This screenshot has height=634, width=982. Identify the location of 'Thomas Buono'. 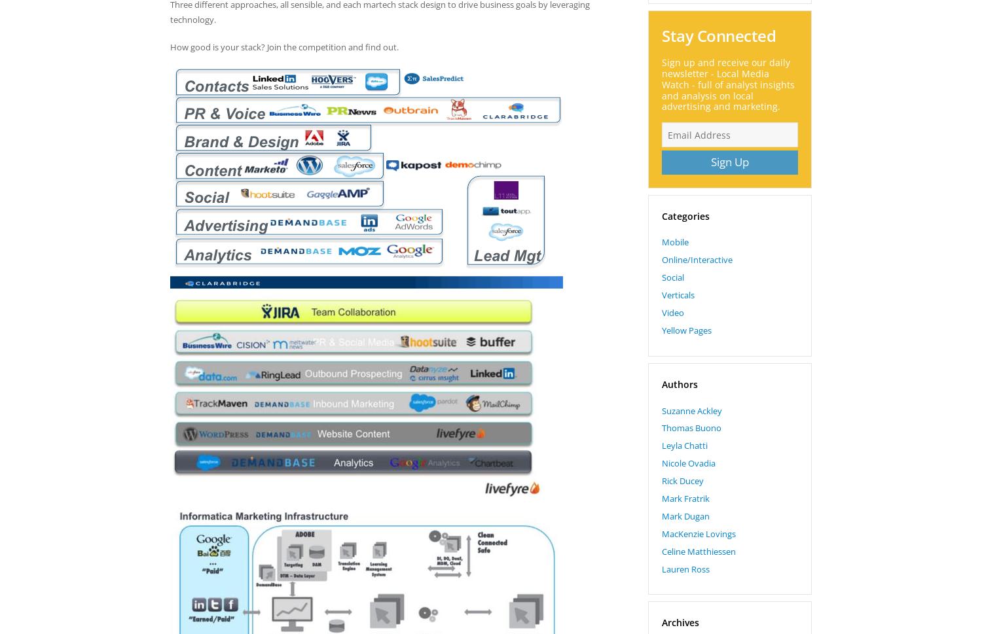
(691, 427).